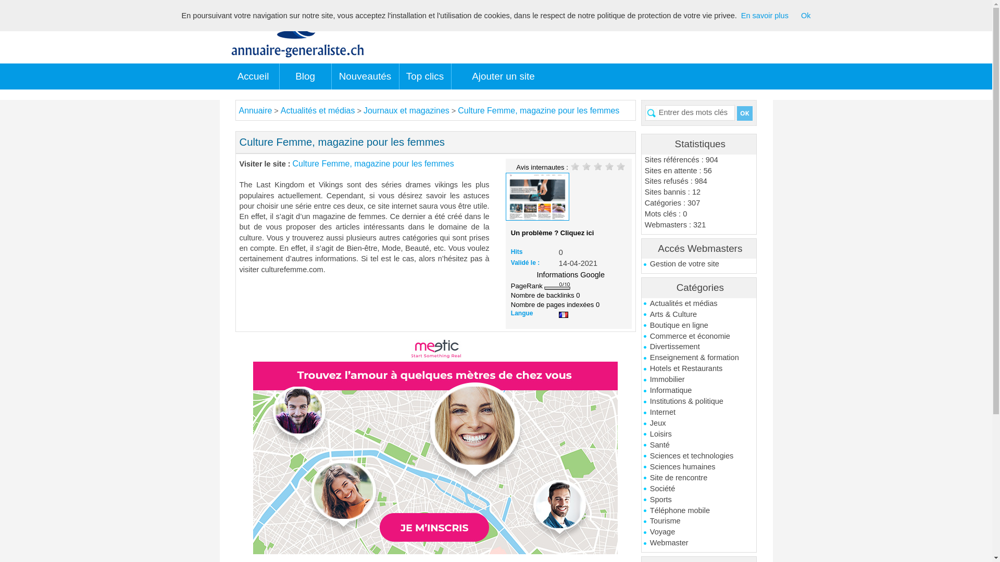  Describe the element at coordinates (574, 165) in the screenshot. I see `'1'` at that location.